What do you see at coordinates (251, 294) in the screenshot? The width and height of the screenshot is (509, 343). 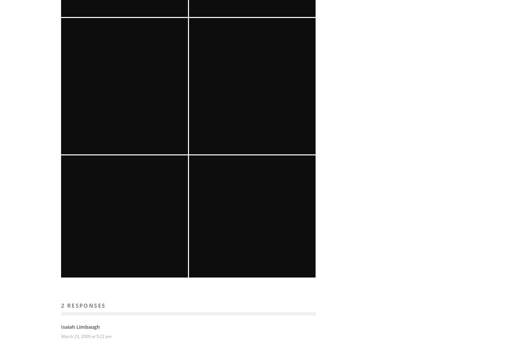 I see `'Gabby La La @ Joe’s Pub'` at bounding box center [251, 294].